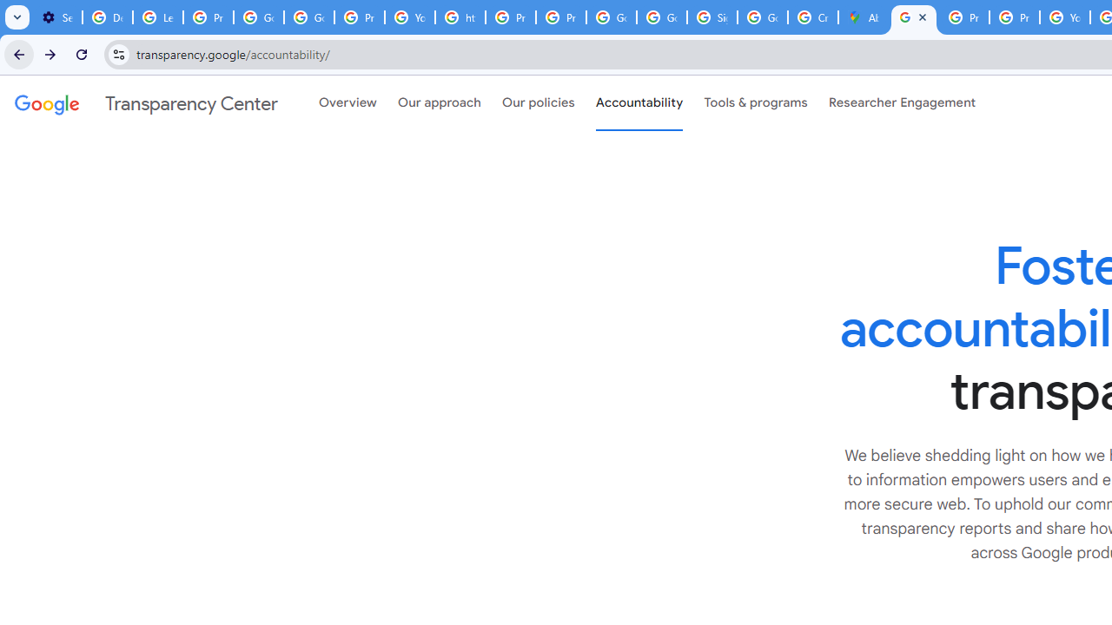 The image size is (1112, 625). Describe the element at coordinates (902, 103) in the screenshot. I see `'Researcher Engagement'` at that location.